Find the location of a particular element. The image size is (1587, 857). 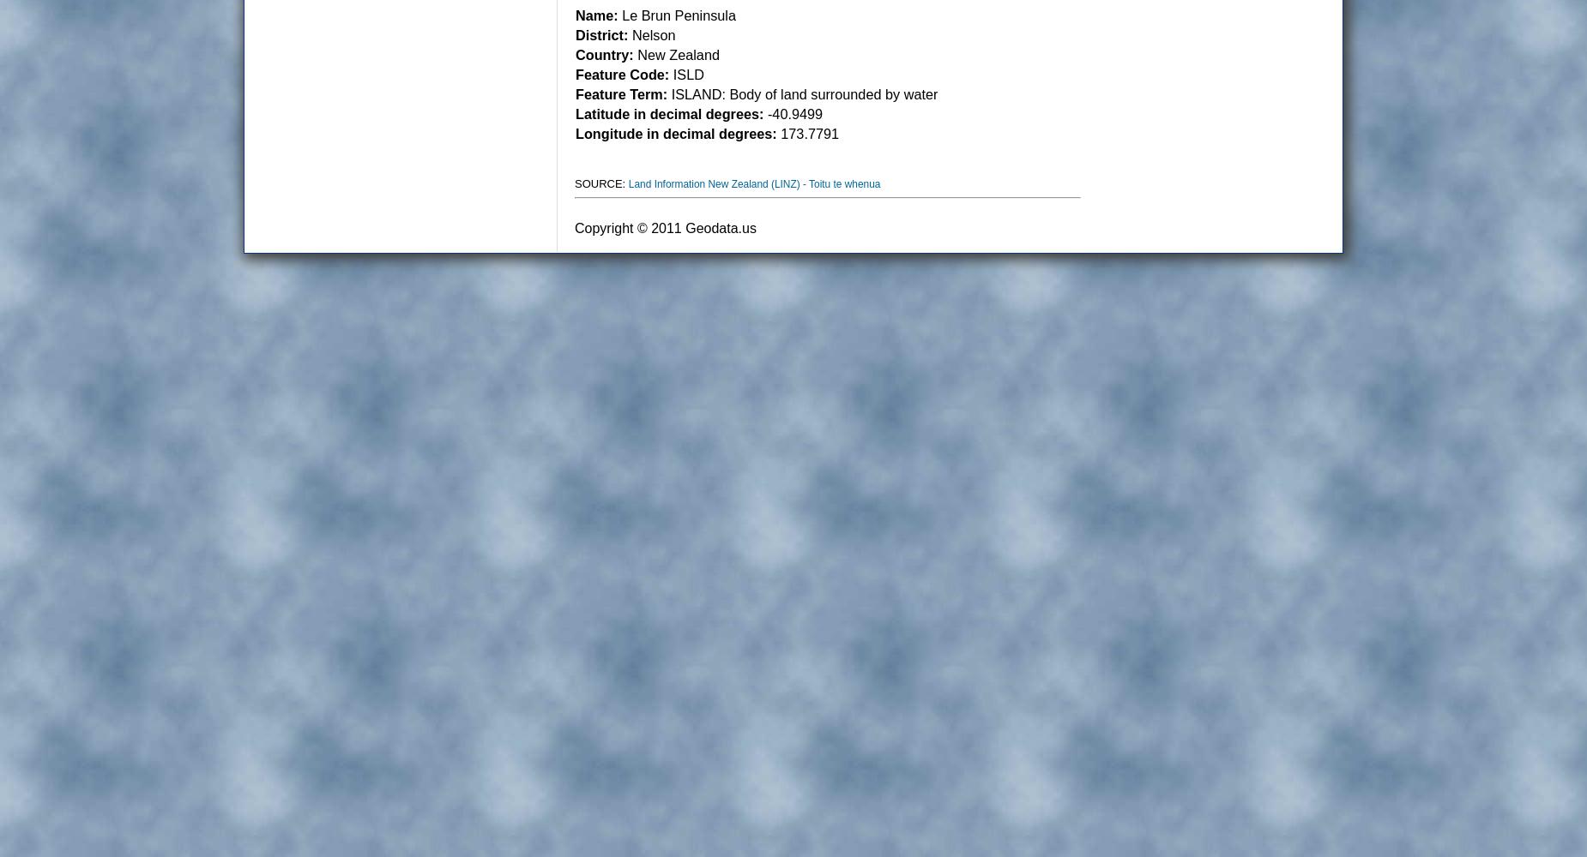

'Feature Code:' is located at coordinates (622, 74).